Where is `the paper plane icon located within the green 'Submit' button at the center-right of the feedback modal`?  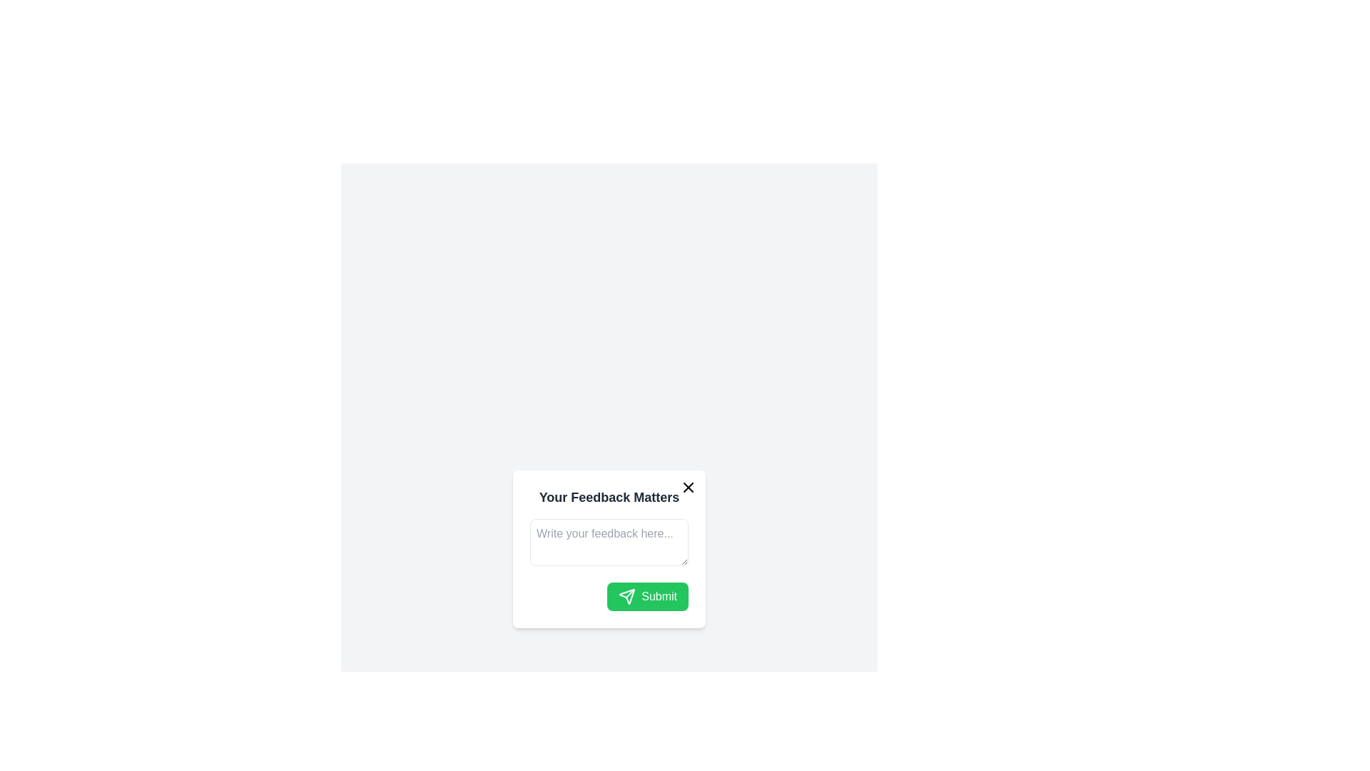 the paper plane icon located within the green 'Submit' button at the center-right of the feedback modal is located at coordinates (627, 596).